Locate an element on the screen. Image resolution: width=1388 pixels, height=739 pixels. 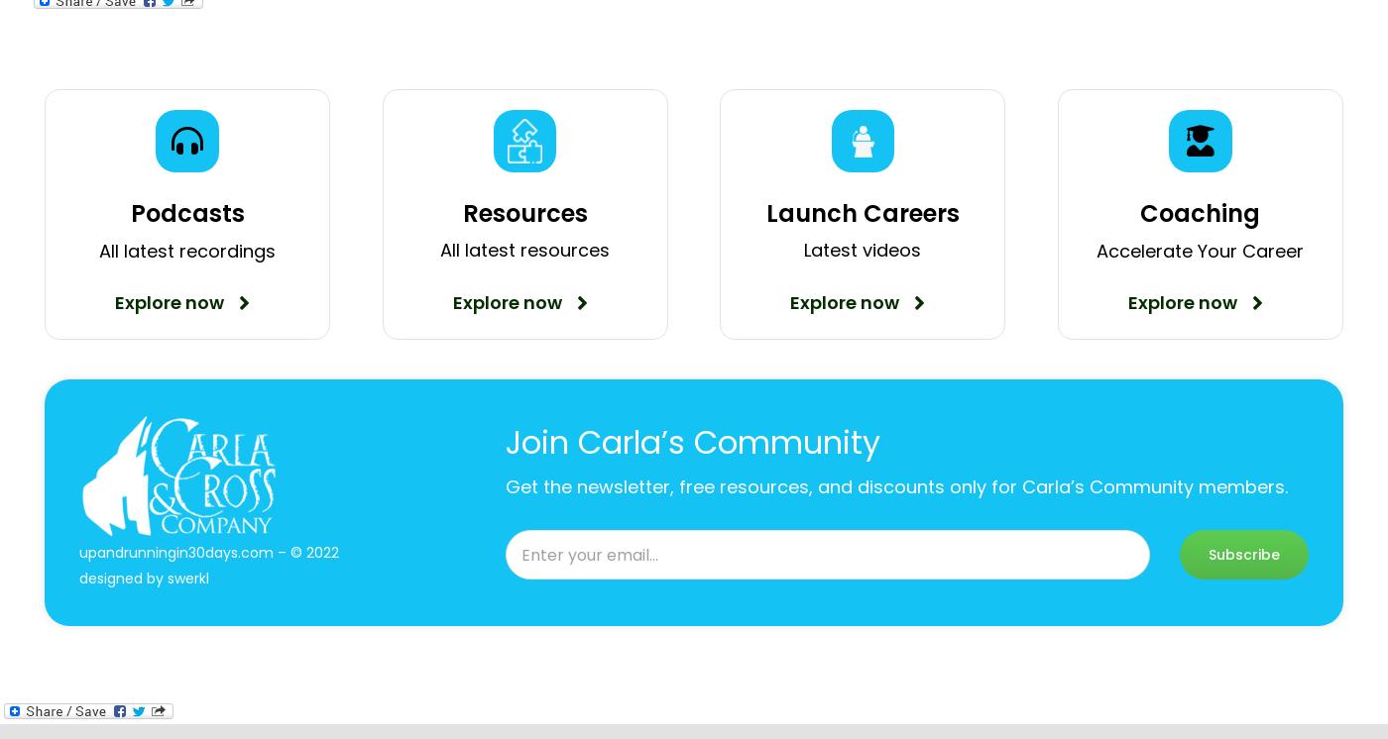
'Coaching' is located at coordinates (1139, 212).